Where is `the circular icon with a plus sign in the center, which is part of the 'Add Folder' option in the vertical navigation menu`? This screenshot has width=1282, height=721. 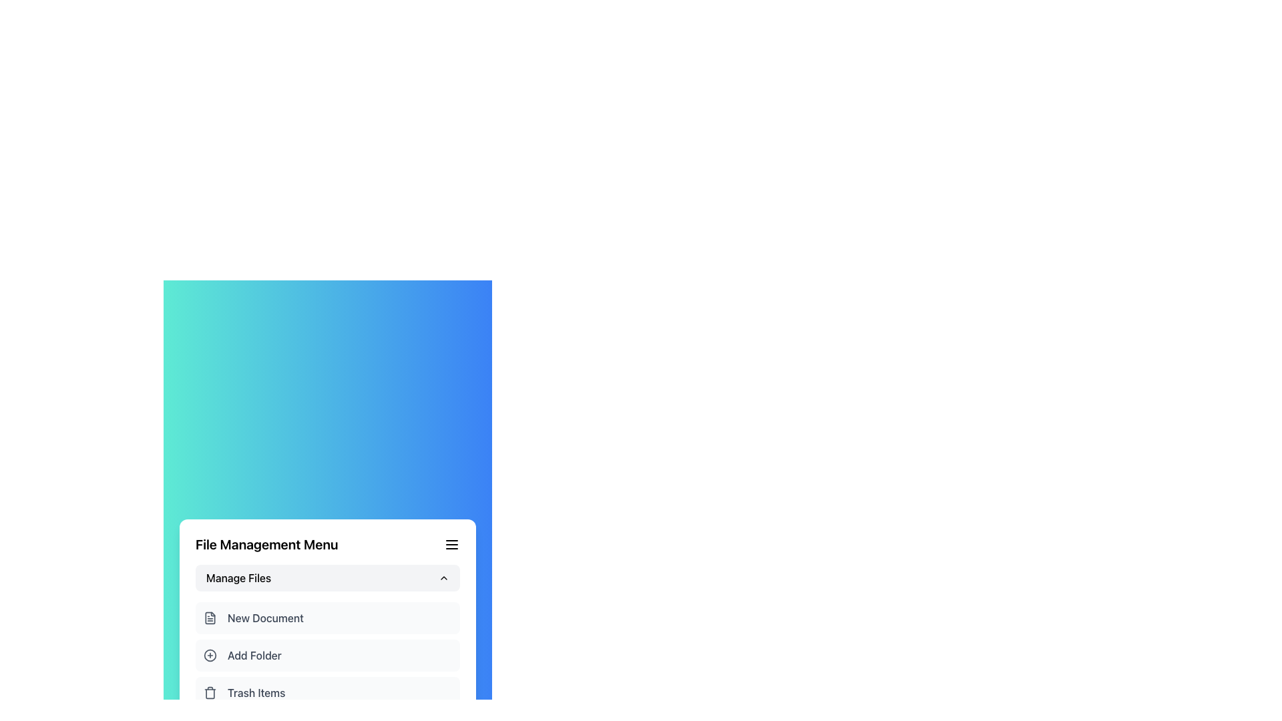
the circular icon with a plus sign in the center, which is part of the 'Add Folder' option in the vertical navigation menu is located at coordinates (210, 655).